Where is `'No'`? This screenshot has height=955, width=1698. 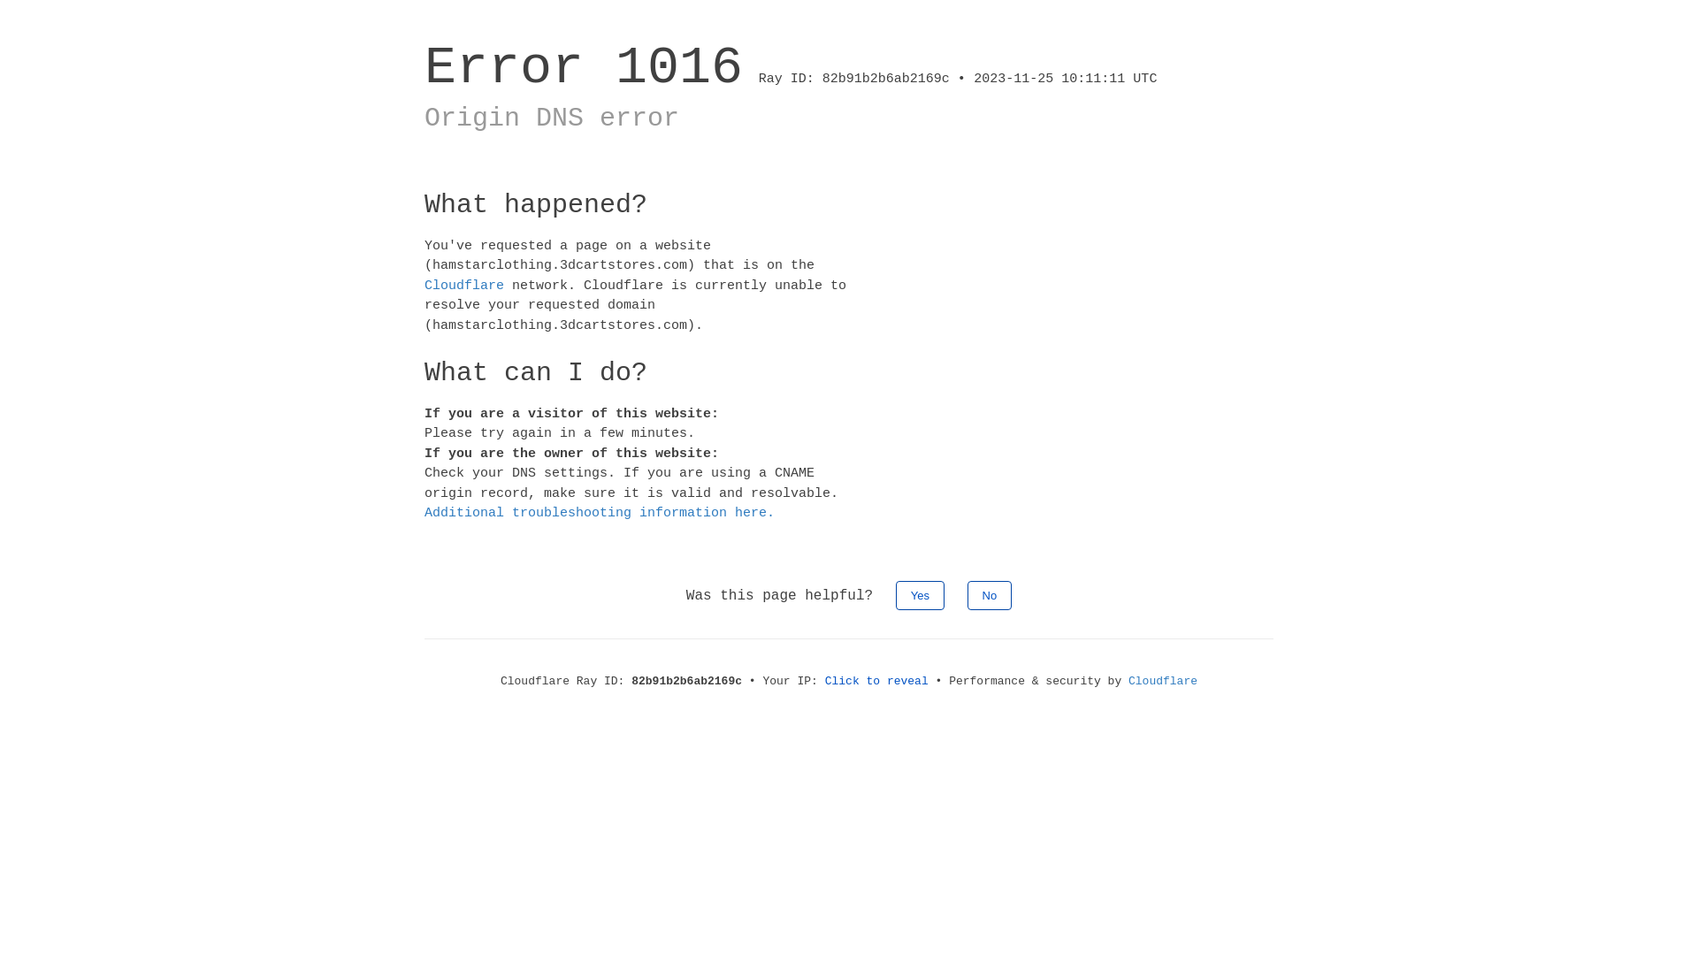
'No' is located at coordinates (989, 594).